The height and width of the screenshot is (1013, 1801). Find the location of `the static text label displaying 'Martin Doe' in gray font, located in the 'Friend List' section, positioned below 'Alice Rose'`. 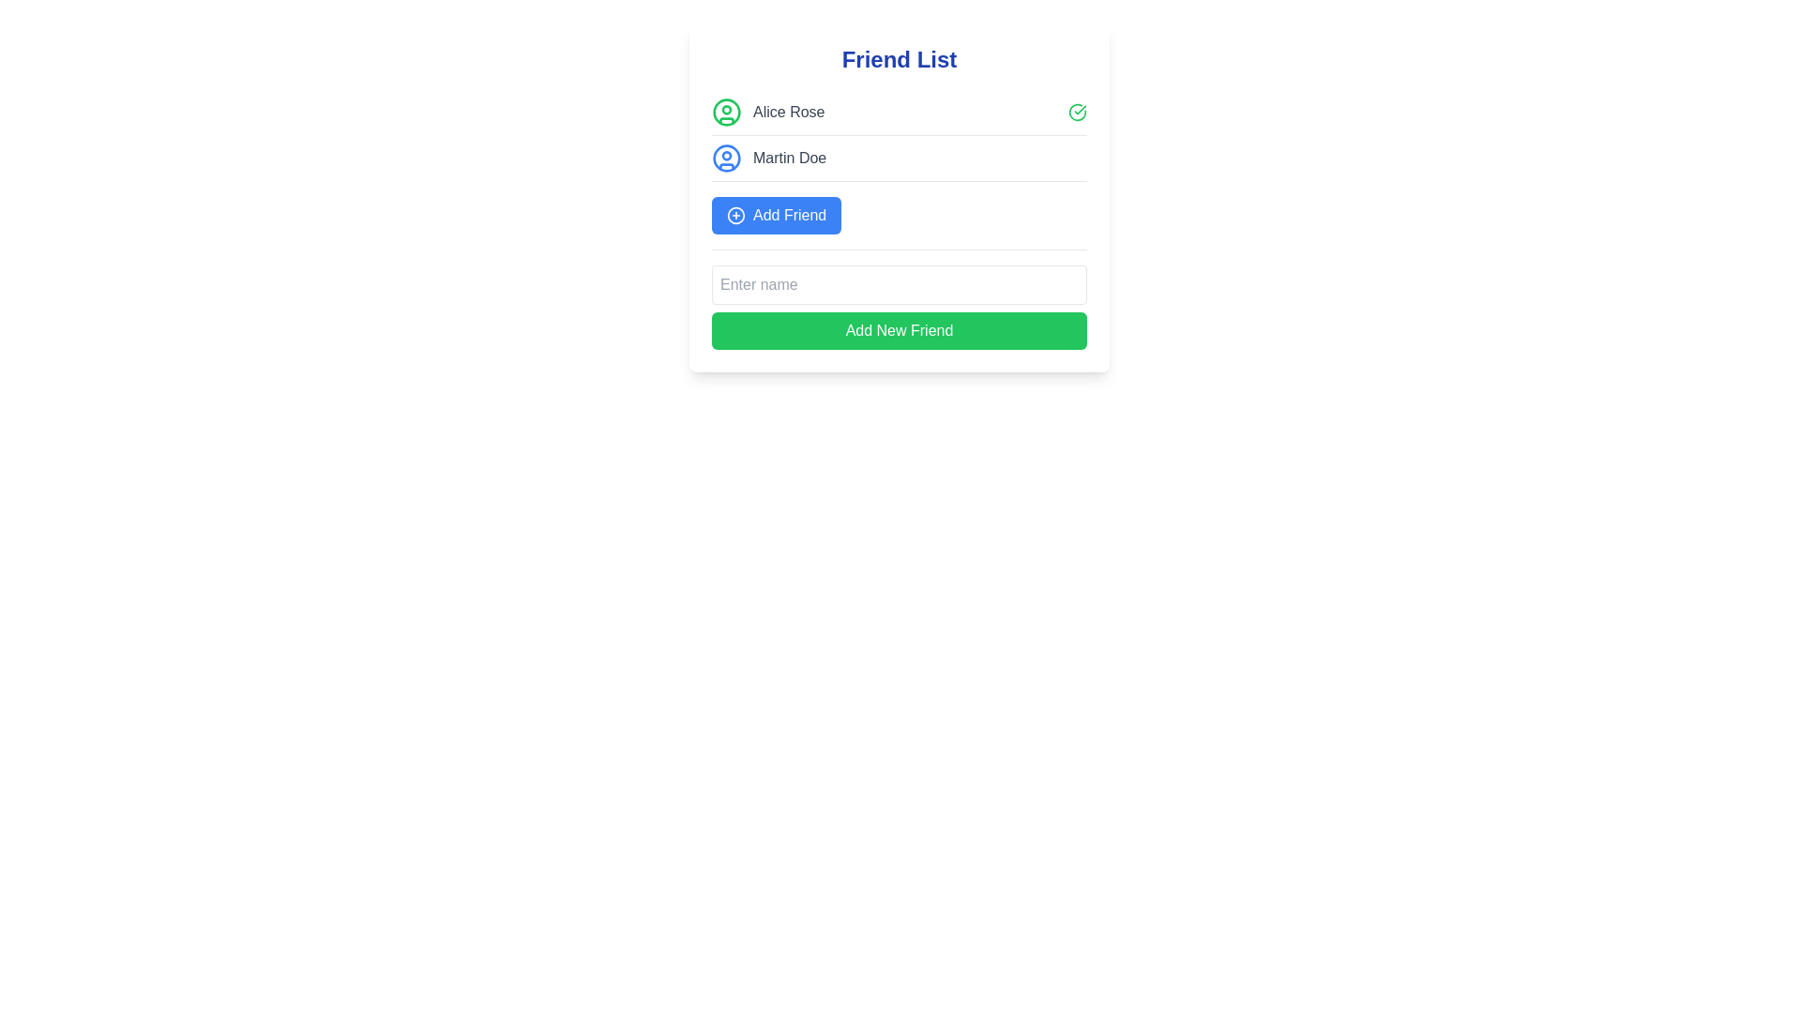

the static text label displaying 'Martin Doe' in gray font, located in the 'Friend List' section, positioned below 'Alice Rose' is located at coordinates (790, 158).